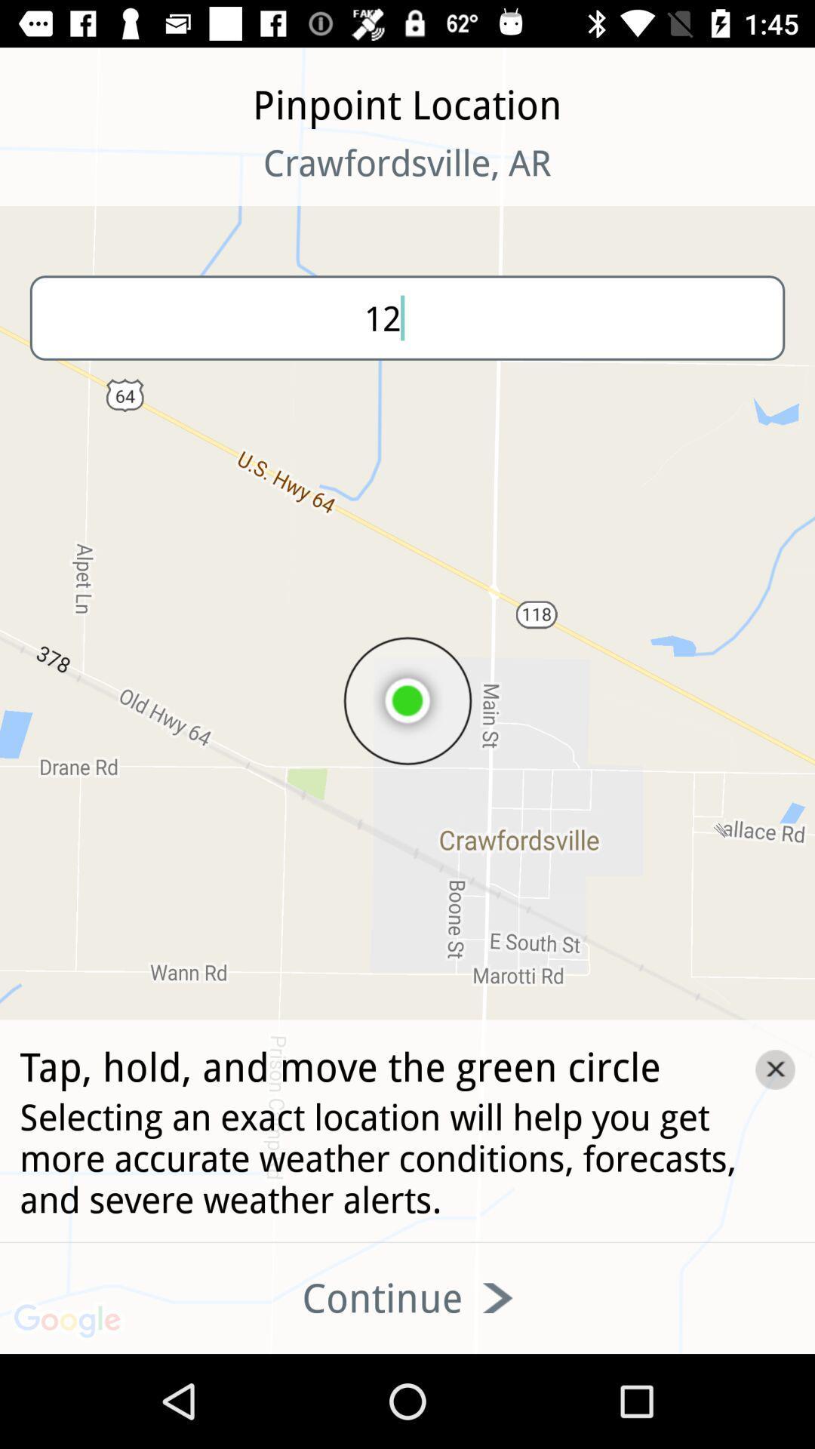  I want to click on the close icon, so click(775, 1069).